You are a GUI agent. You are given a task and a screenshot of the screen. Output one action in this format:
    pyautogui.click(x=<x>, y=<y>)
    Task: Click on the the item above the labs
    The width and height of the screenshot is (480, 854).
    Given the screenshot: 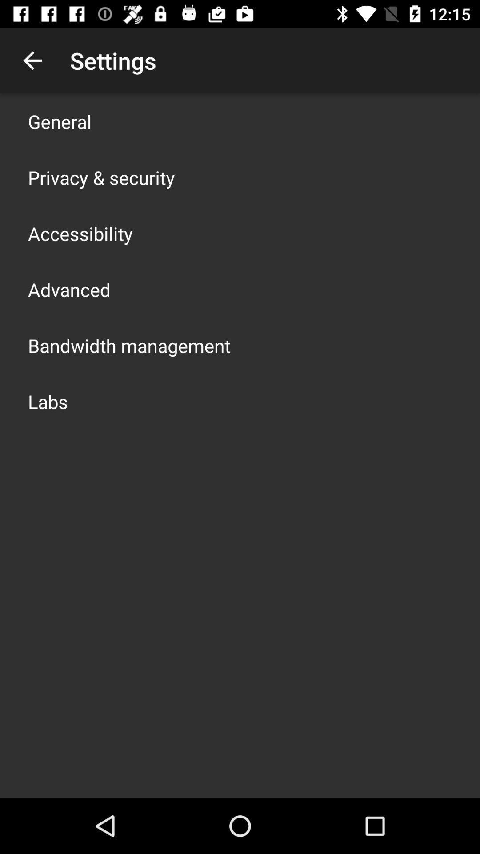 What is the action you would take?
    pyautogui.click(x=129, y=345)
    